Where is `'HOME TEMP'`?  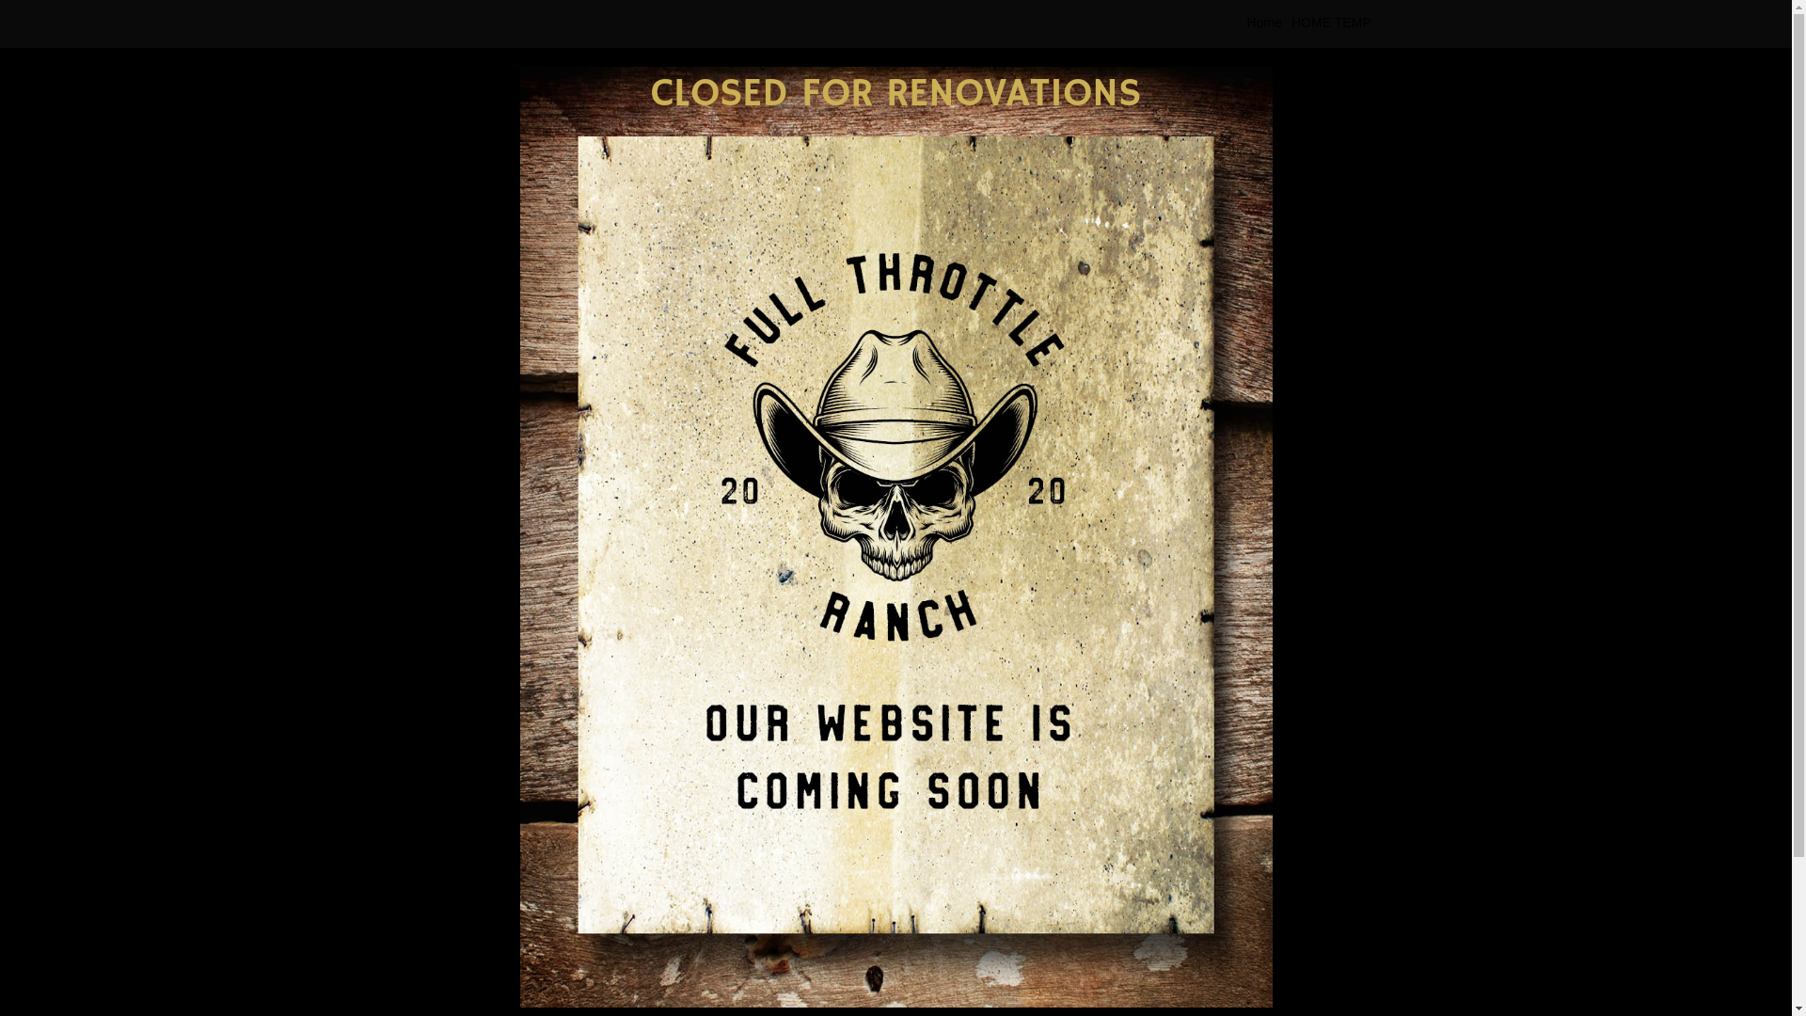 'HOME TEMP' is located at coordinates (1330, 23).